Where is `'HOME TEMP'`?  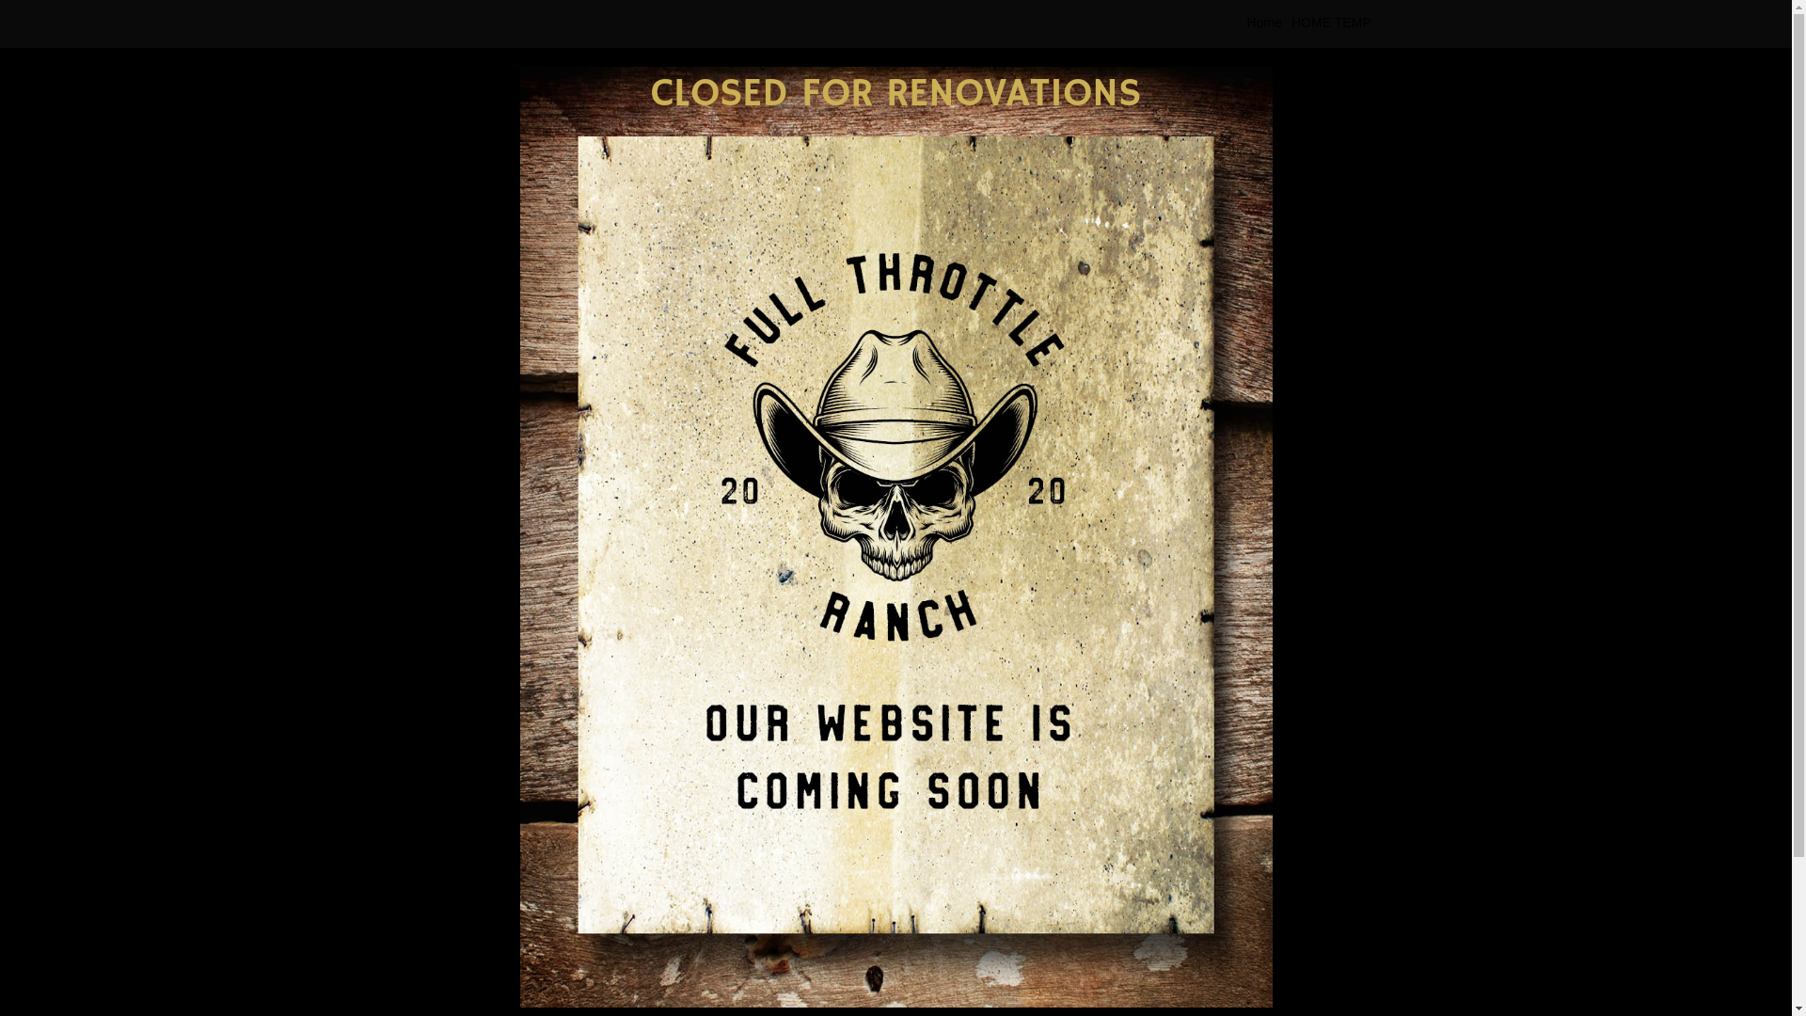 'HOME TEMP' is located at coordinates (1330, 23).